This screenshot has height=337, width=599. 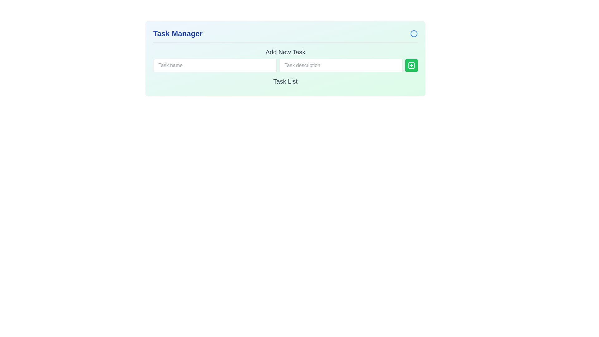 I want to click on the Text label that serves as a header or section title, indicating the area below it pertains to tasks in a list format, located just below the 'Add New Task' form, so click(x=285, y=81).